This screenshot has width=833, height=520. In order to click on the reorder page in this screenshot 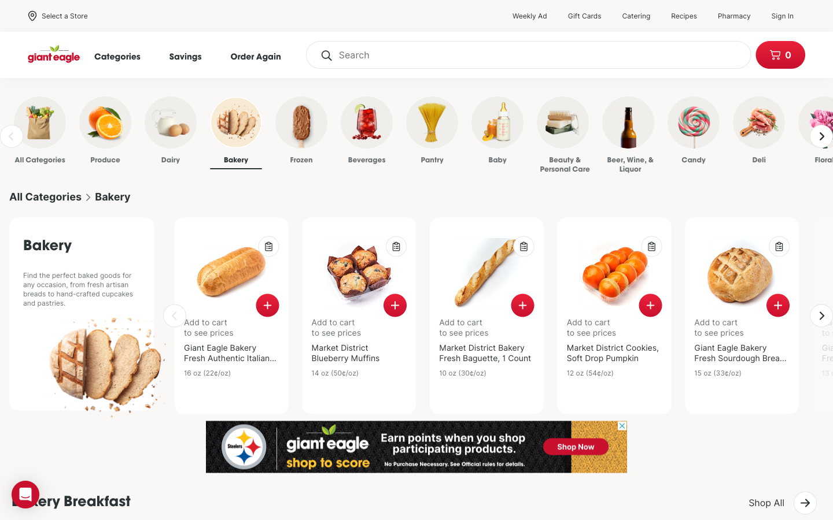, I will do `click(261, 55)`.